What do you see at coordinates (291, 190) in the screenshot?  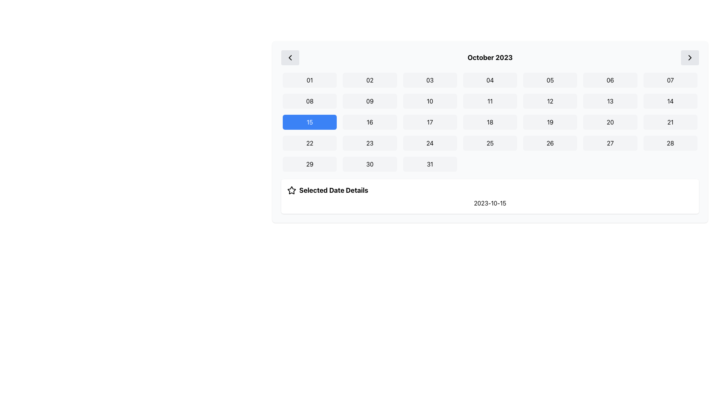 I see `the star icon with a black outline and transparent fill, located to the left of the text 'Selected Date Details'` at bounding box center [291, 190].